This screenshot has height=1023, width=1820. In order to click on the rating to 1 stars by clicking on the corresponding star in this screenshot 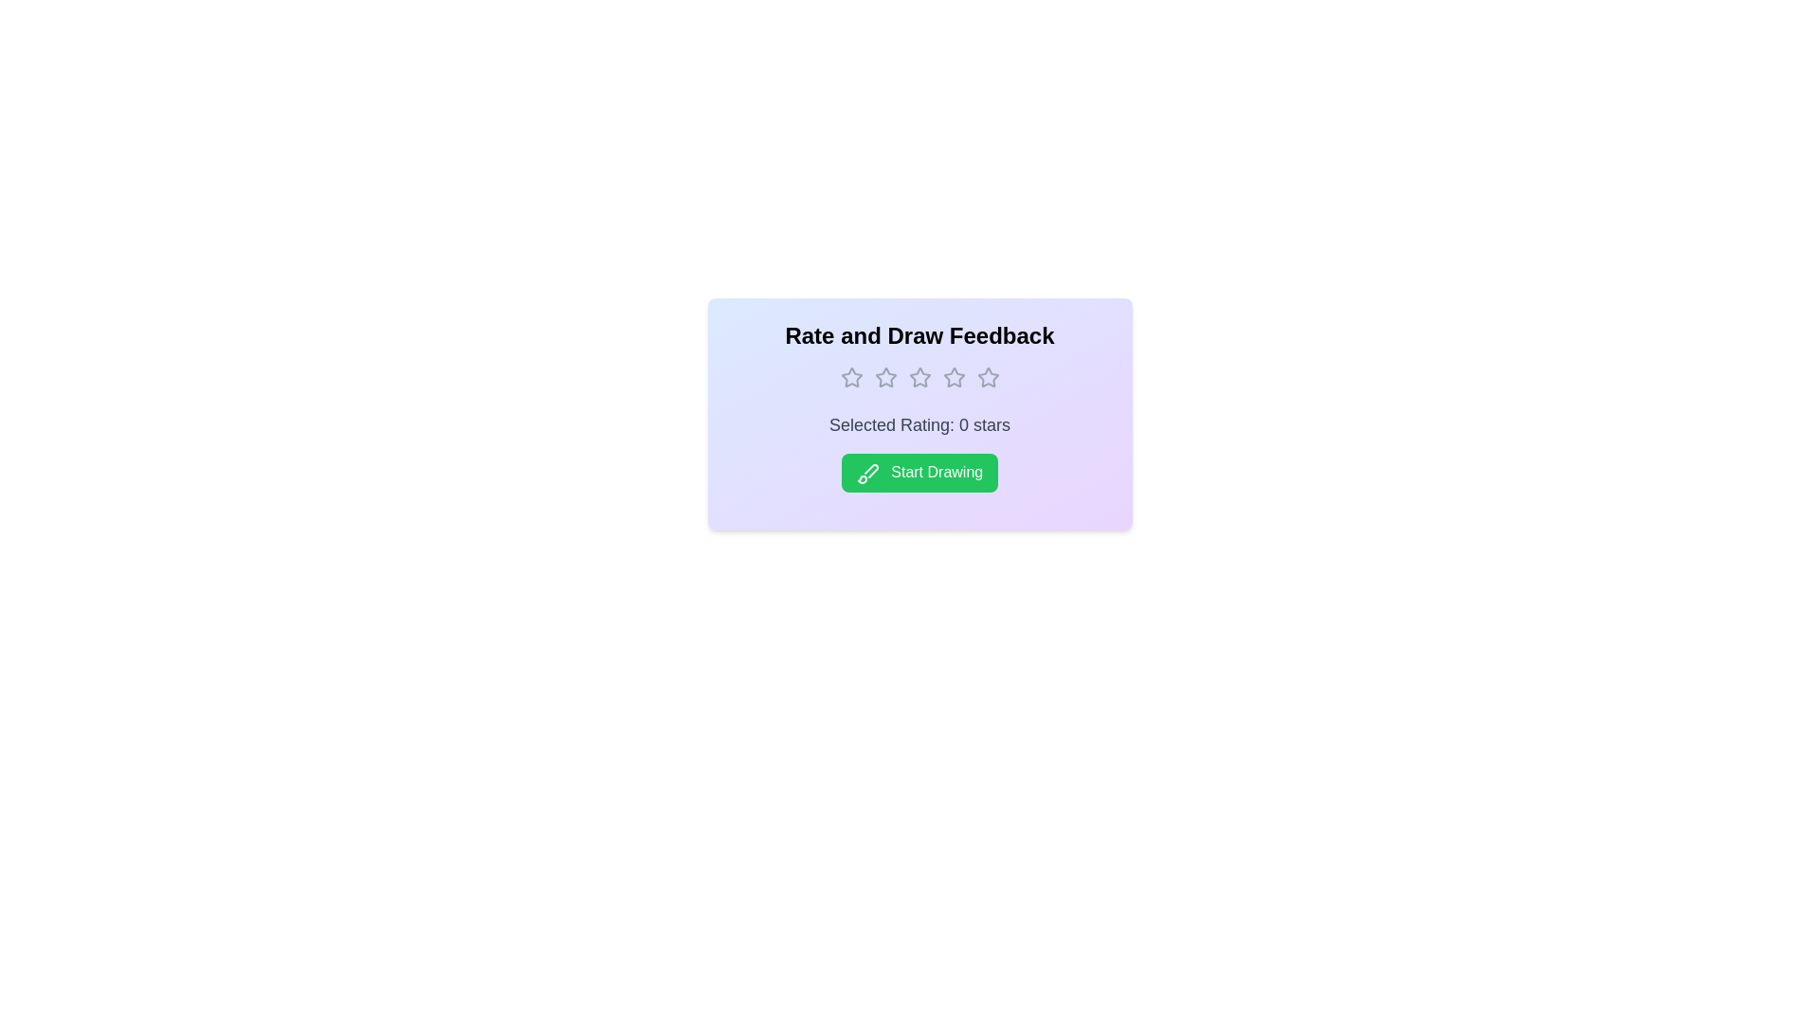, I will do `click(850, 377)`.